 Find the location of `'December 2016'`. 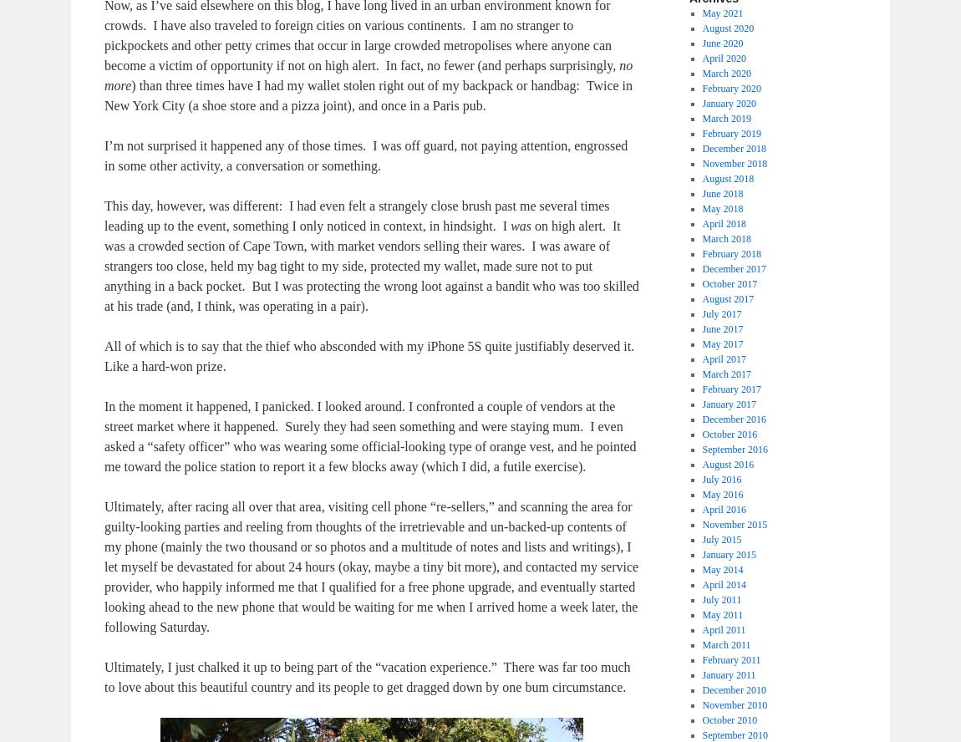

'December 2016' is located at coordinates (734, 418).